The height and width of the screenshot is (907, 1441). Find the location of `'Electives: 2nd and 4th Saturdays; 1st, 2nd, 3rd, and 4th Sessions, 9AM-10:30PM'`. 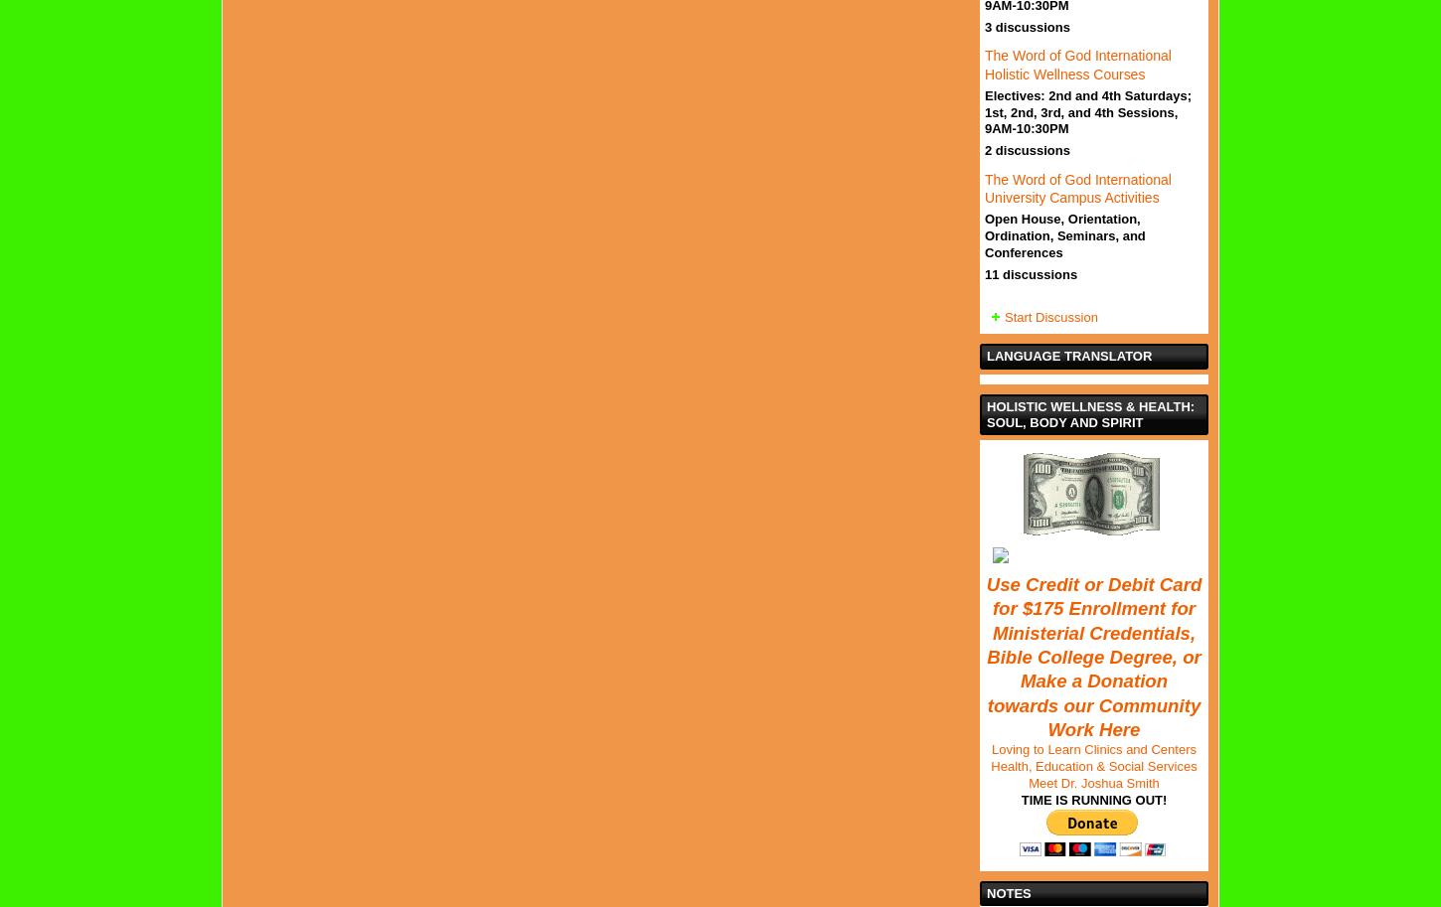

'Electives: 2nd and 4th Saturdays; 1st, 2nd, 3rd, and 4th Sessions, 9AM-10:30PM' is located at coordinates (1087, 111).